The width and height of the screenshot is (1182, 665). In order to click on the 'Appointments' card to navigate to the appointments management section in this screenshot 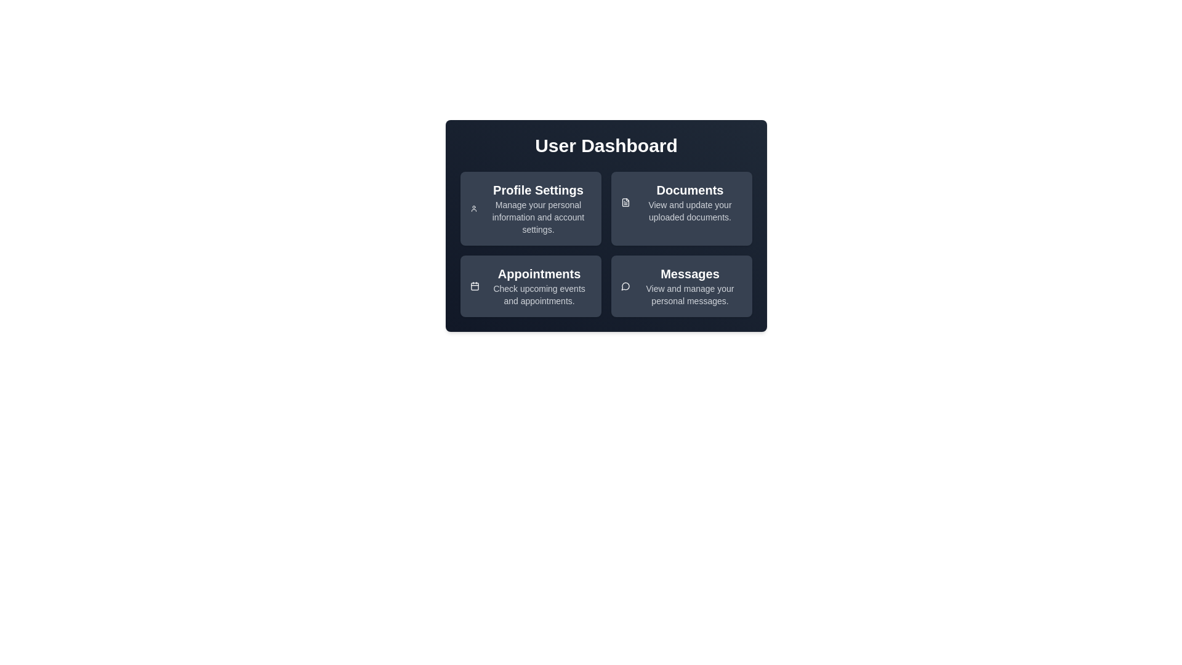, I will do `click(531, 286)`.